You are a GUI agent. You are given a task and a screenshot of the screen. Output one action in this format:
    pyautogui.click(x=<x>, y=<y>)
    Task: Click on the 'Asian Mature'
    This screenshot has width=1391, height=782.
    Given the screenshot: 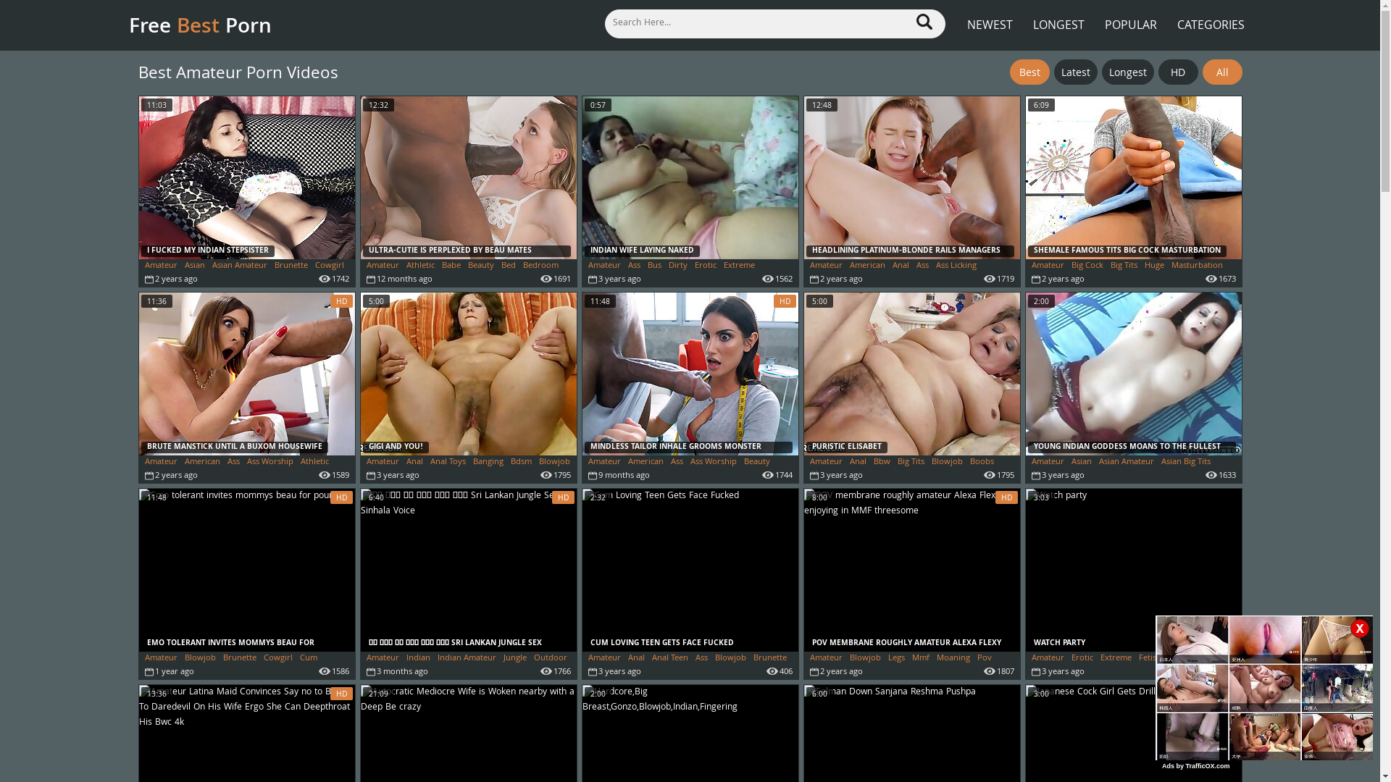 What is the action you would take?
    pyautogui.click(x=1056, y=474)
    